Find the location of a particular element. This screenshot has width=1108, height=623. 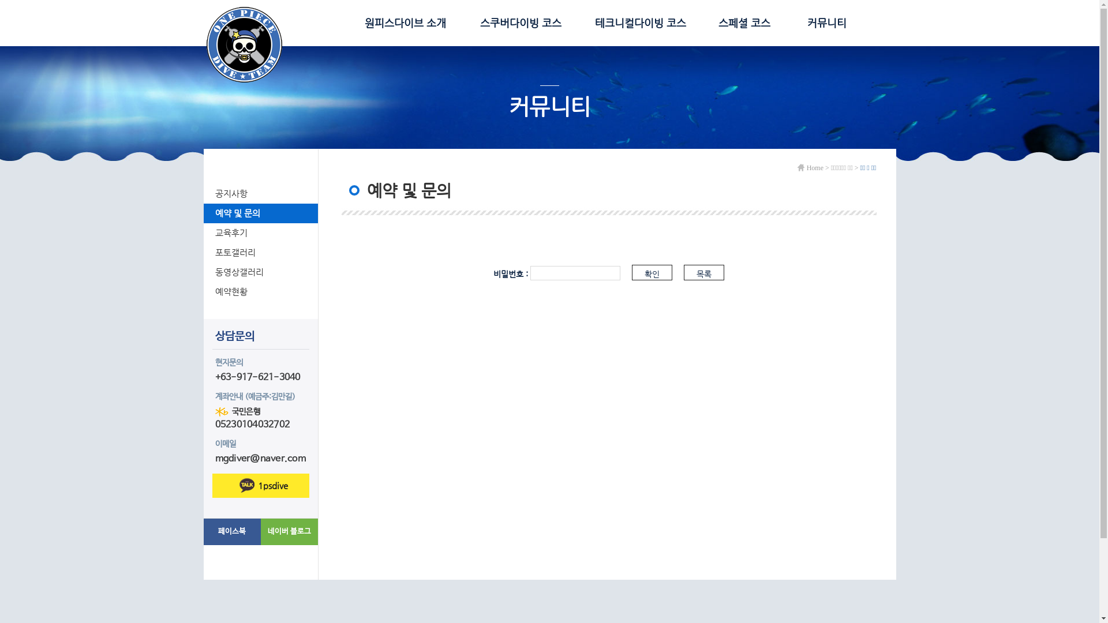

'Home' is located at coordinates (809, 167).